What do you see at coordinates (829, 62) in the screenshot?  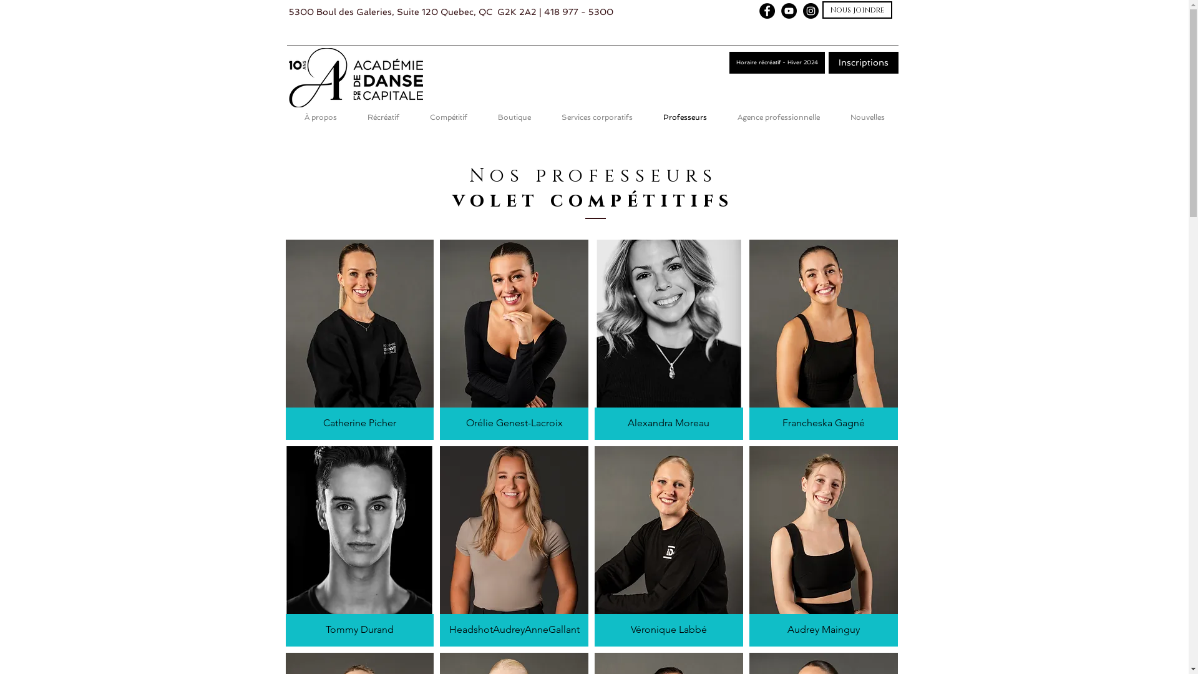 I see `'Inscriptions'` at bounding box center [829, 62].